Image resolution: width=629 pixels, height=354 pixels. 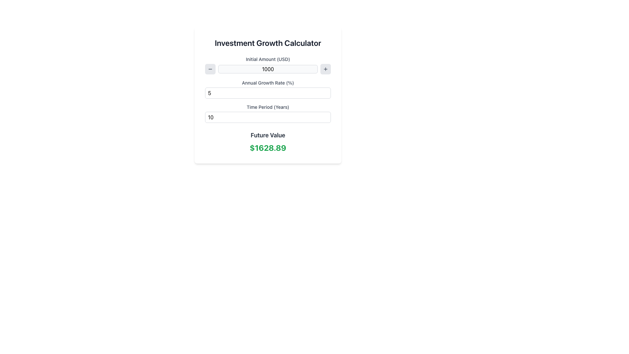 I want to click on the increment button located to the right of the numeric input field displaying '1000', so click(x=325, y=69).